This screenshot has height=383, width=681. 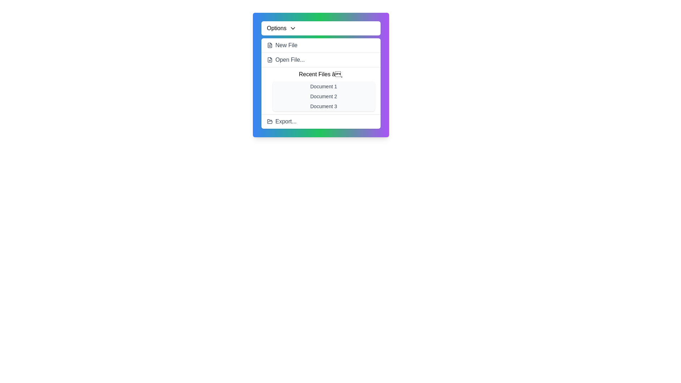 I want to click on the text label 'Document 2' to trigger the hover effect, so click(x=323, y=96).